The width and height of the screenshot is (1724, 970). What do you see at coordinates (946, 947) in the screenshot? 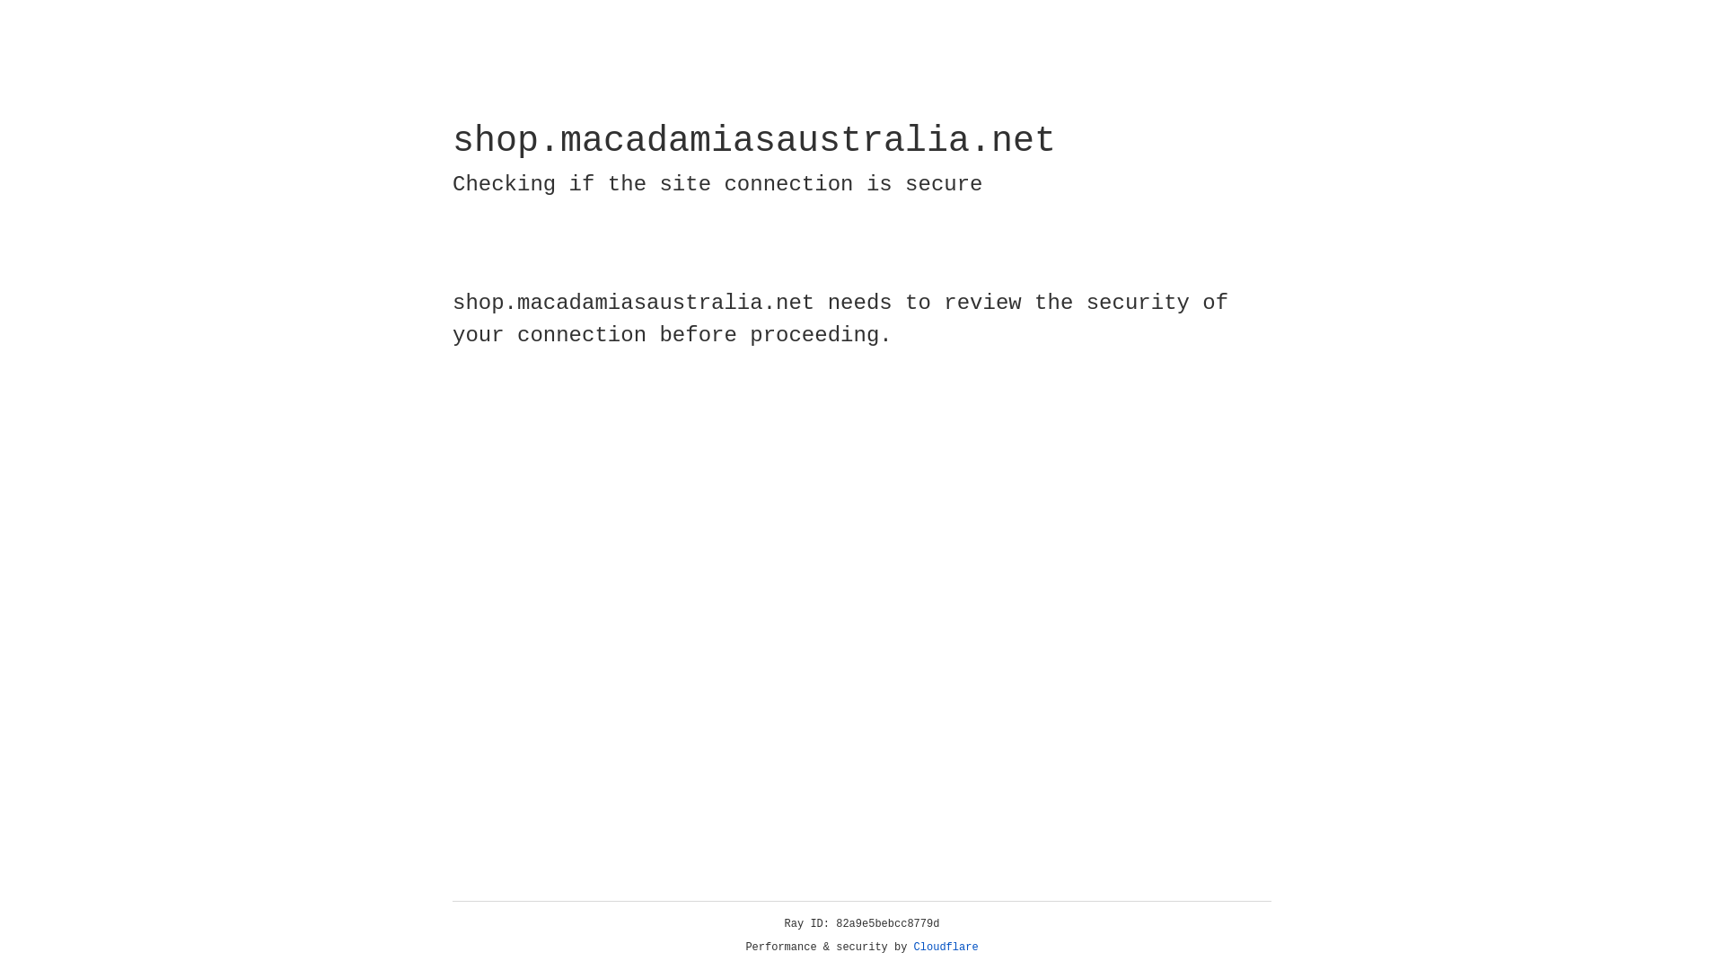
I see `'Cloudflare'` at bounding box center [946, 947].